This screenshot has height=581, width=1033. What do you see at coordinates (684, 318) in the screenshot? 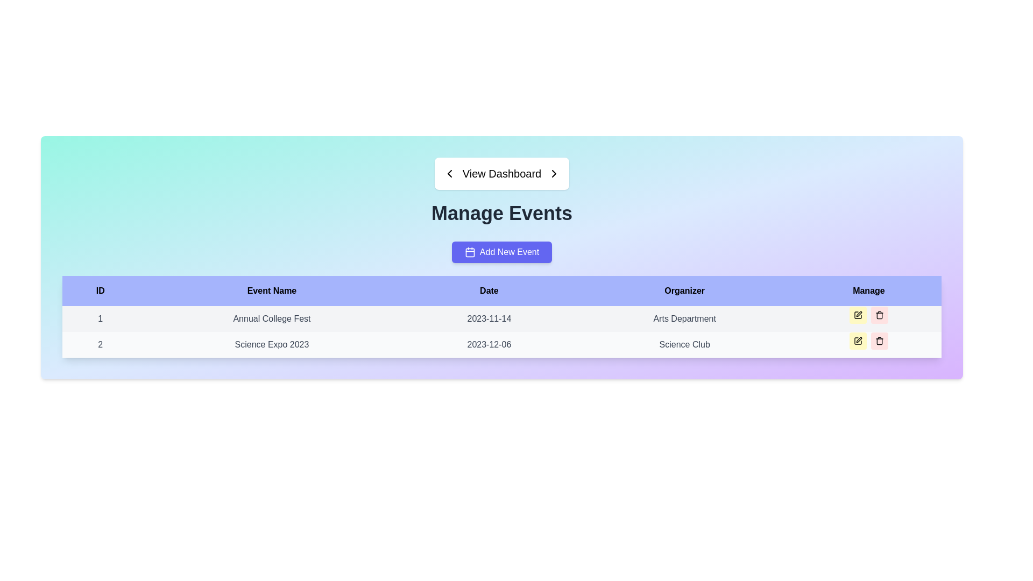
I see `text content of the 'Arts Department' label, which is displayed in a slightly bold gray font under the 'Organizer' column of the table structure` at bounding box center [684, 318].